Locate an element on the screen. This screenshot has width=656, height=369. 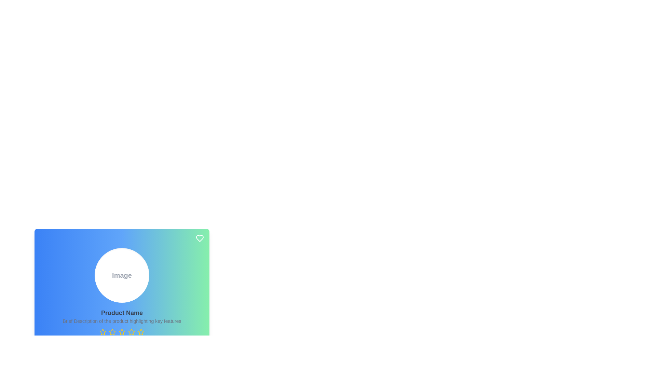
the fourth solid star icon with a yellow outline and blue fill located at the bottom of the product card to rate it is located at coordinates (131, 331).